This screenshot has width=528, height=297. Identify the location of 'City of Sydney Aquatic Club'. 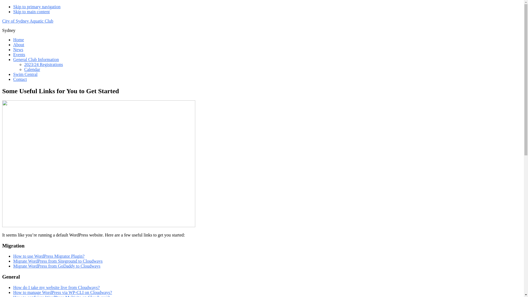
(27, 21).